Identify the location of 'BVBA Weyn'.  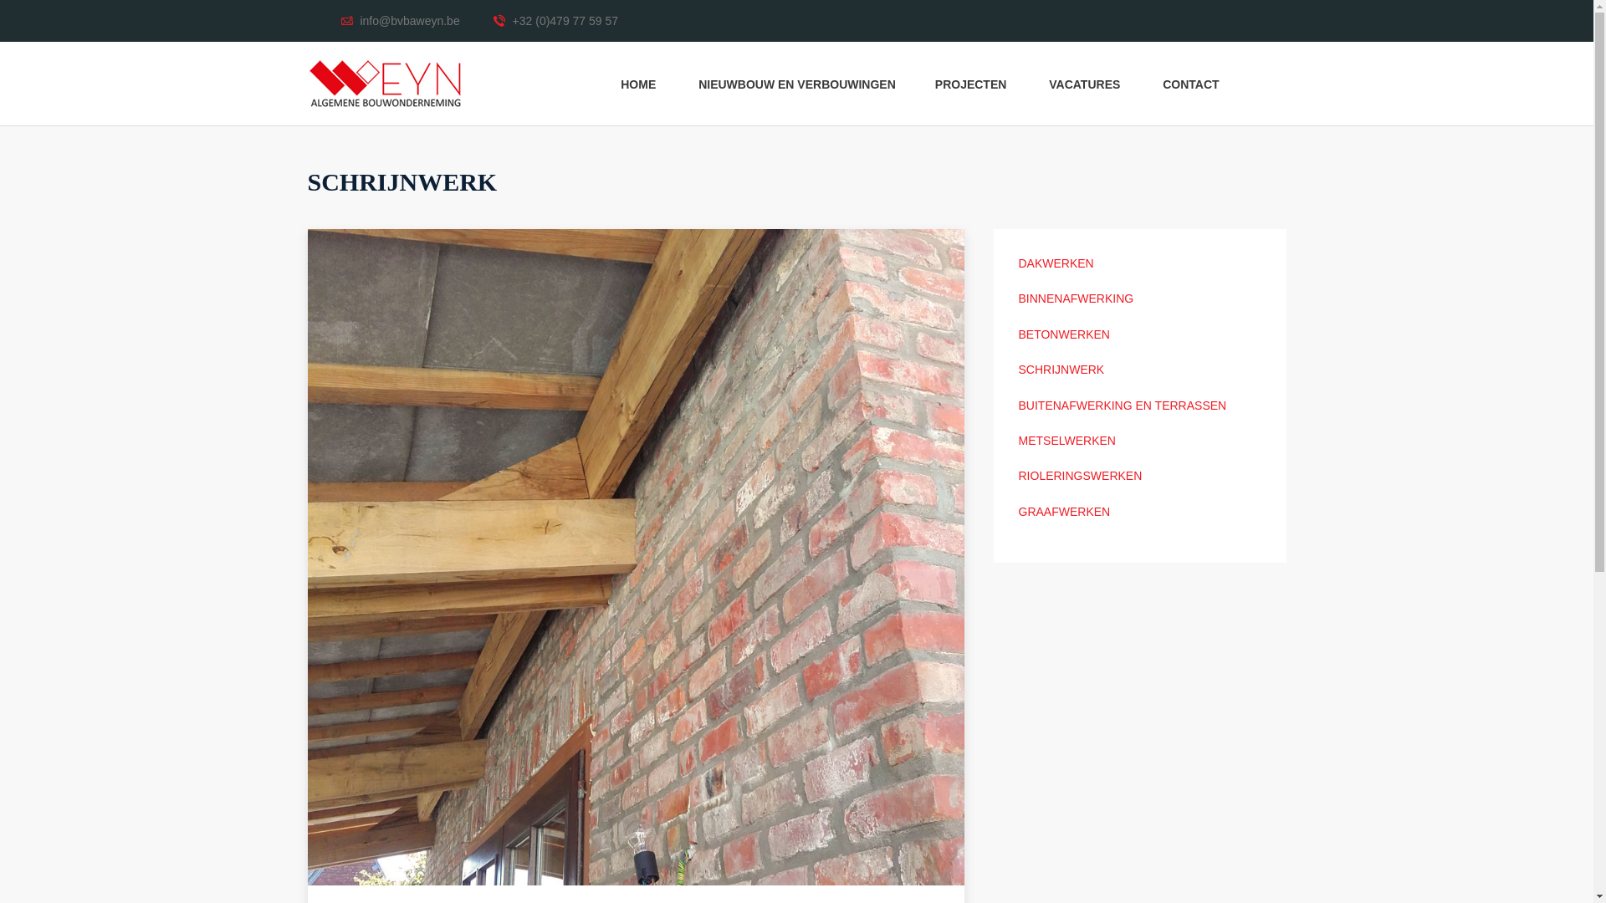
(384, 84).